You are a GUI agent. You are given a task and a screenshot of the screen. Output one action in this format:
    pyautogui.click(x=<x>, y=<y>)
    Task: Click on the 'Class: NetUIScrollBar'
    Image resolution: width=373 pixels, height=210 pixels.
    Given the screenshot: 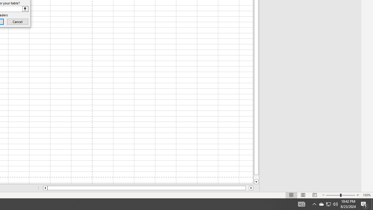 What is the action you would take?
    pyautogui.click(x=148, y=188)
    